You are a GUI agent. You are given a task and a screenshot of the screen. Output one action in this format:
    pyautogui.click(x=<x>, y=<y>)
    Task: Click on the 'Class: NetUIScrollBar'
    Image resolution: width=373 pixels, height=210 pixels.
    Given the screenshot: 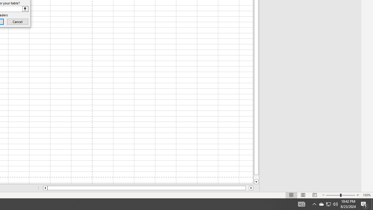 What is the action you would take?
    pyautogui.click(x=148, y=188)
    